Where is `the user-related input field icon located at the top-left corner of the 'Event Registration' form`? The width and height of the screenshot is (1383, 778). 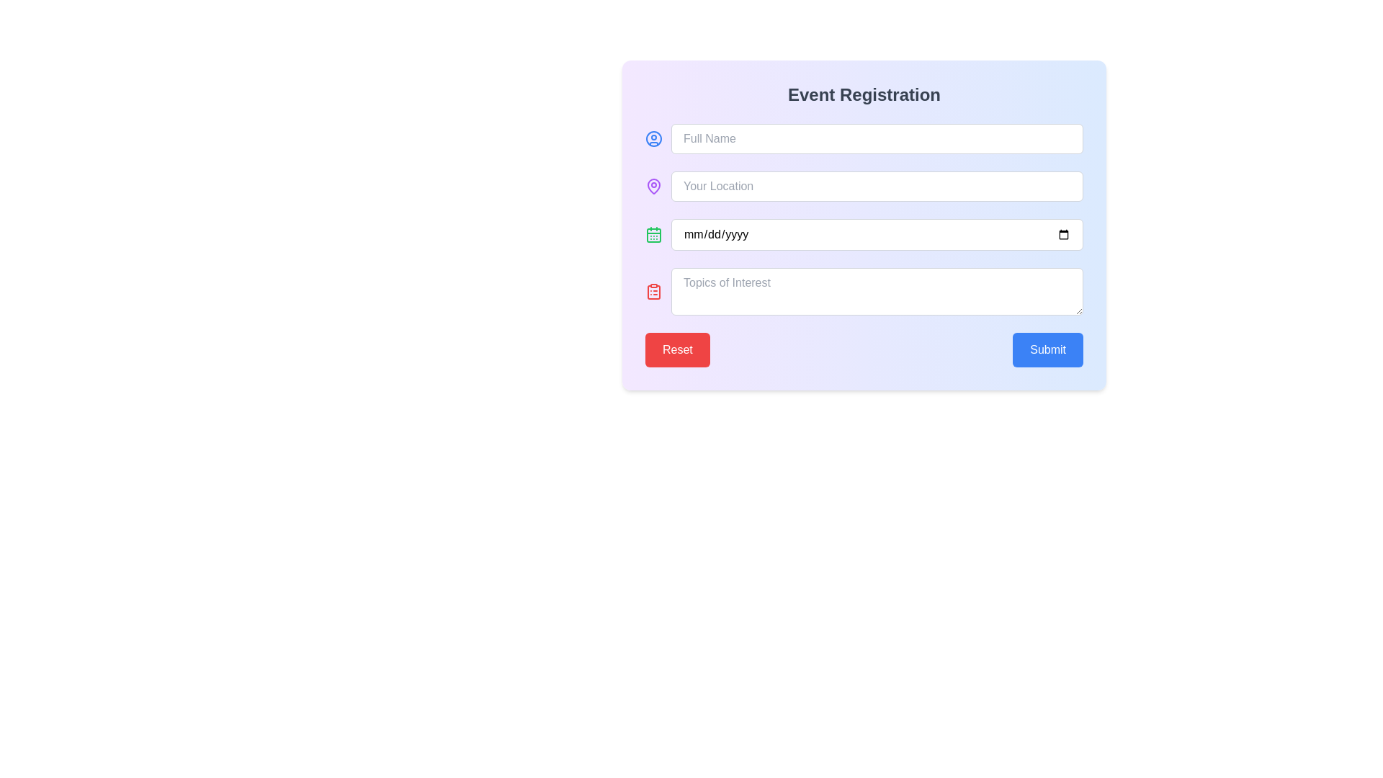
the user-related input field icon located at the top-left corner of the 'Event Registration' form is located at coordinates (653, 138).